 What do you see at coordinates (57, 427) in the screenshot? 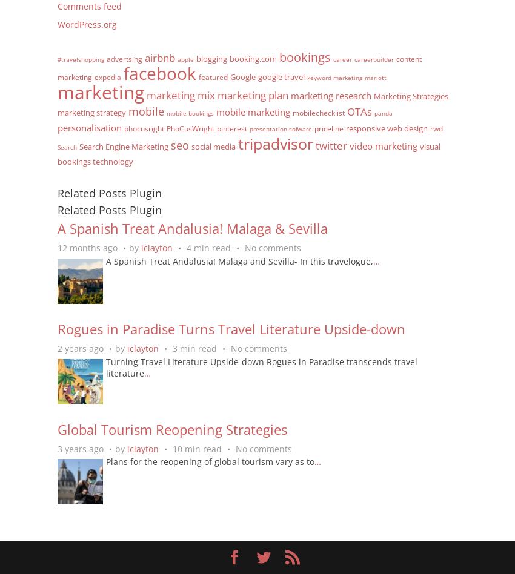
I see `'Global Tourism Reopening Strategies'` at bounding box center [57, 427].